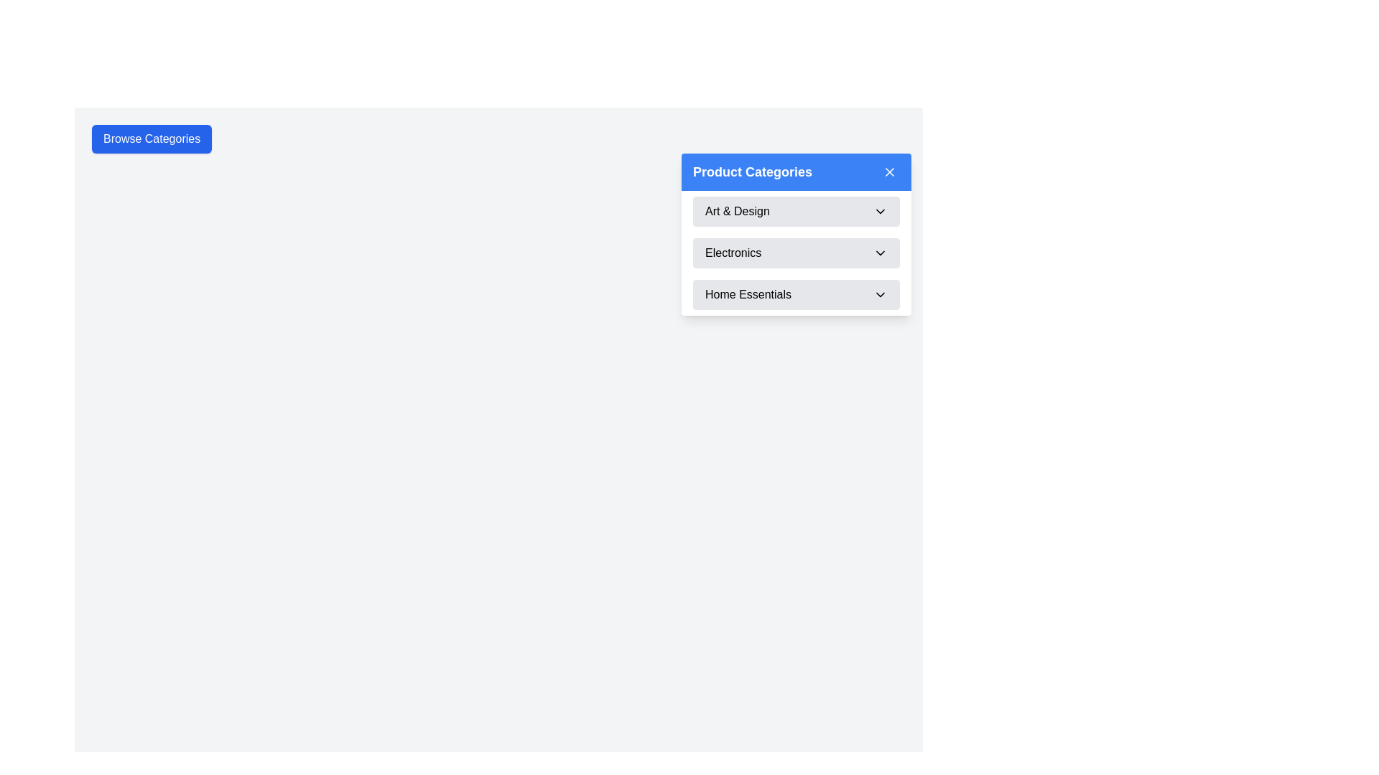 This screenshot has height=775, width=1379. What do you see at coordinates (795, 253) in the screenshot?
I see `the 'Electronics' dropdown trigger button` at bounding box center [795, 253].